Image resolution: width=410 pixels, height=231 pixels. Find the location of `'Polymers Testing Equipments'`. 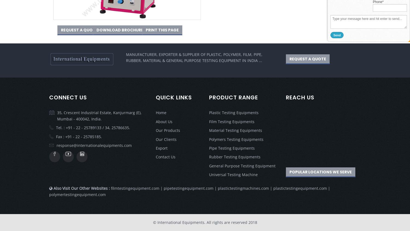

'Polymers Testing Equipments' is located at coordinates (236, 139).